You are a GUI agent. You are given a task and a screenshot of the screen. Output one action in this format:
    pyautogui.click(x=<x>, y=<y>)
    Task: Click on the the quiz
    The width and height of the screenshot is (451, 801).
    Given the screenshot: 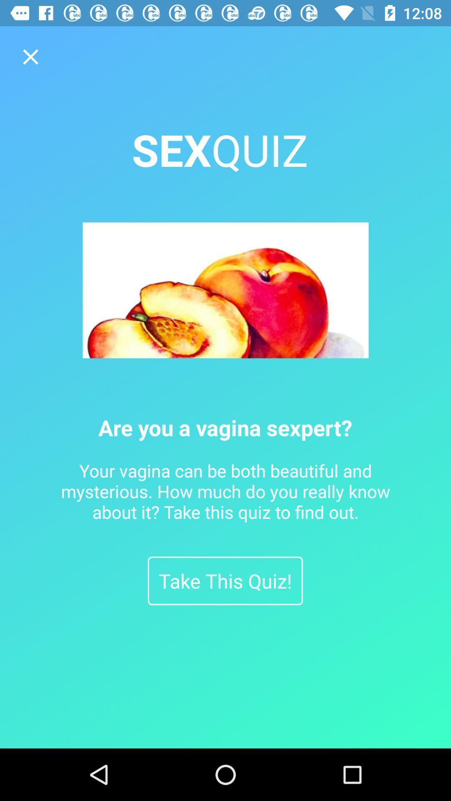 What is the action you would take?
    pyautogui.click(x=30, y=56)
    